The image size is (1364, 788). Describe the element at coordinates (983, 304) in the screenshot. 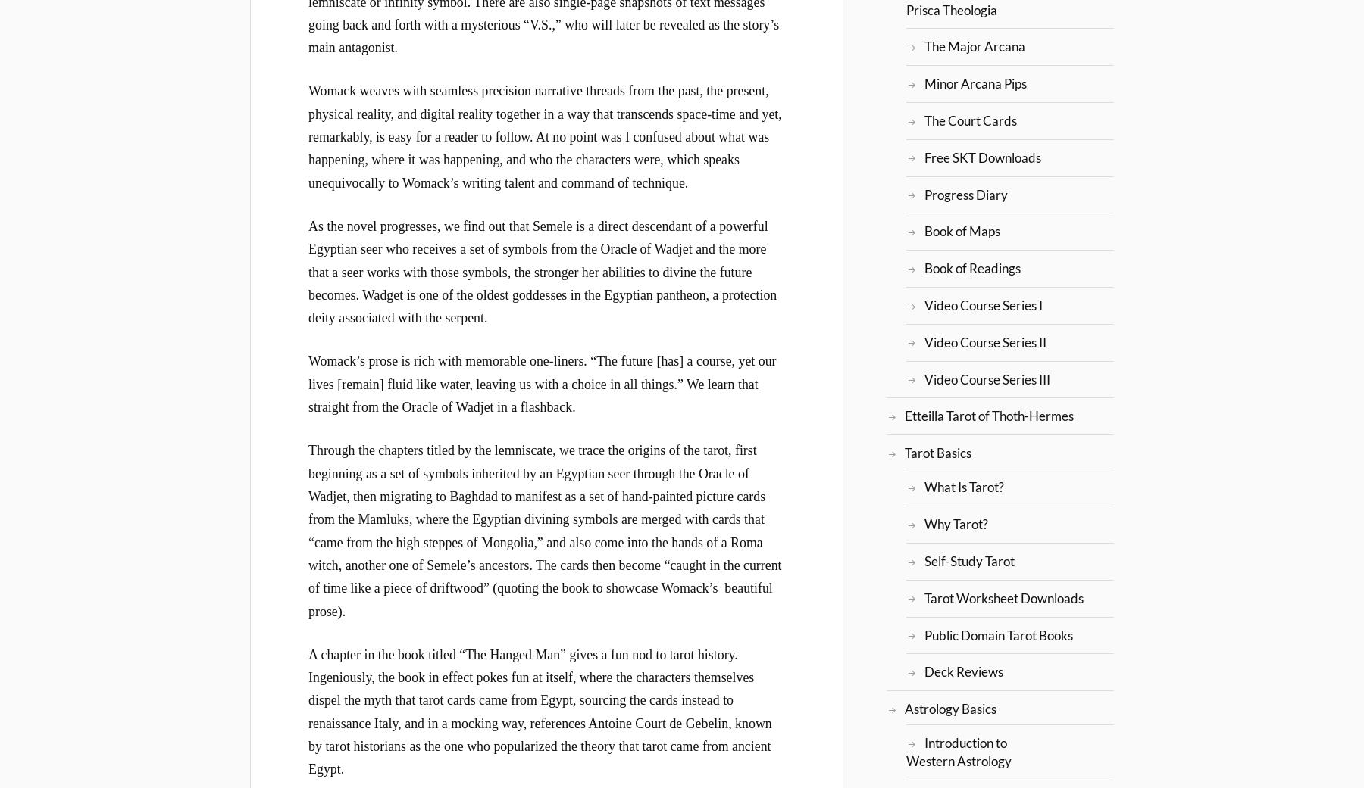

I see `'Video Course Series I'` at that location.